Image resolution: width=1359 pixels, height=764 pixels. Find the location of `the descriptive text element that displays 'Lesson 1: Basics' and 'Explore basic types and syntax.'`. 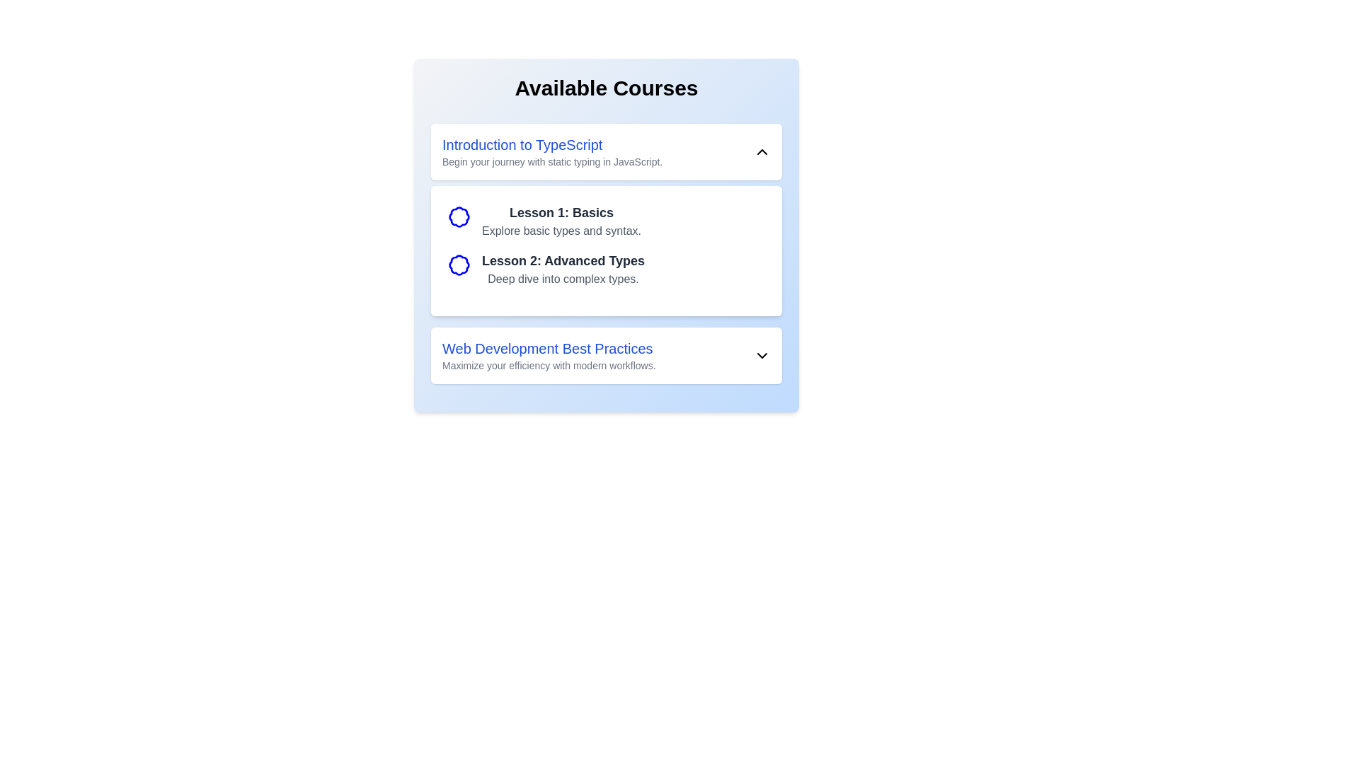

the descriptive text element that displays 'Lesson 1: Basics' and 'Explore basic types and syntax.' is located at coordinates (561, 221).